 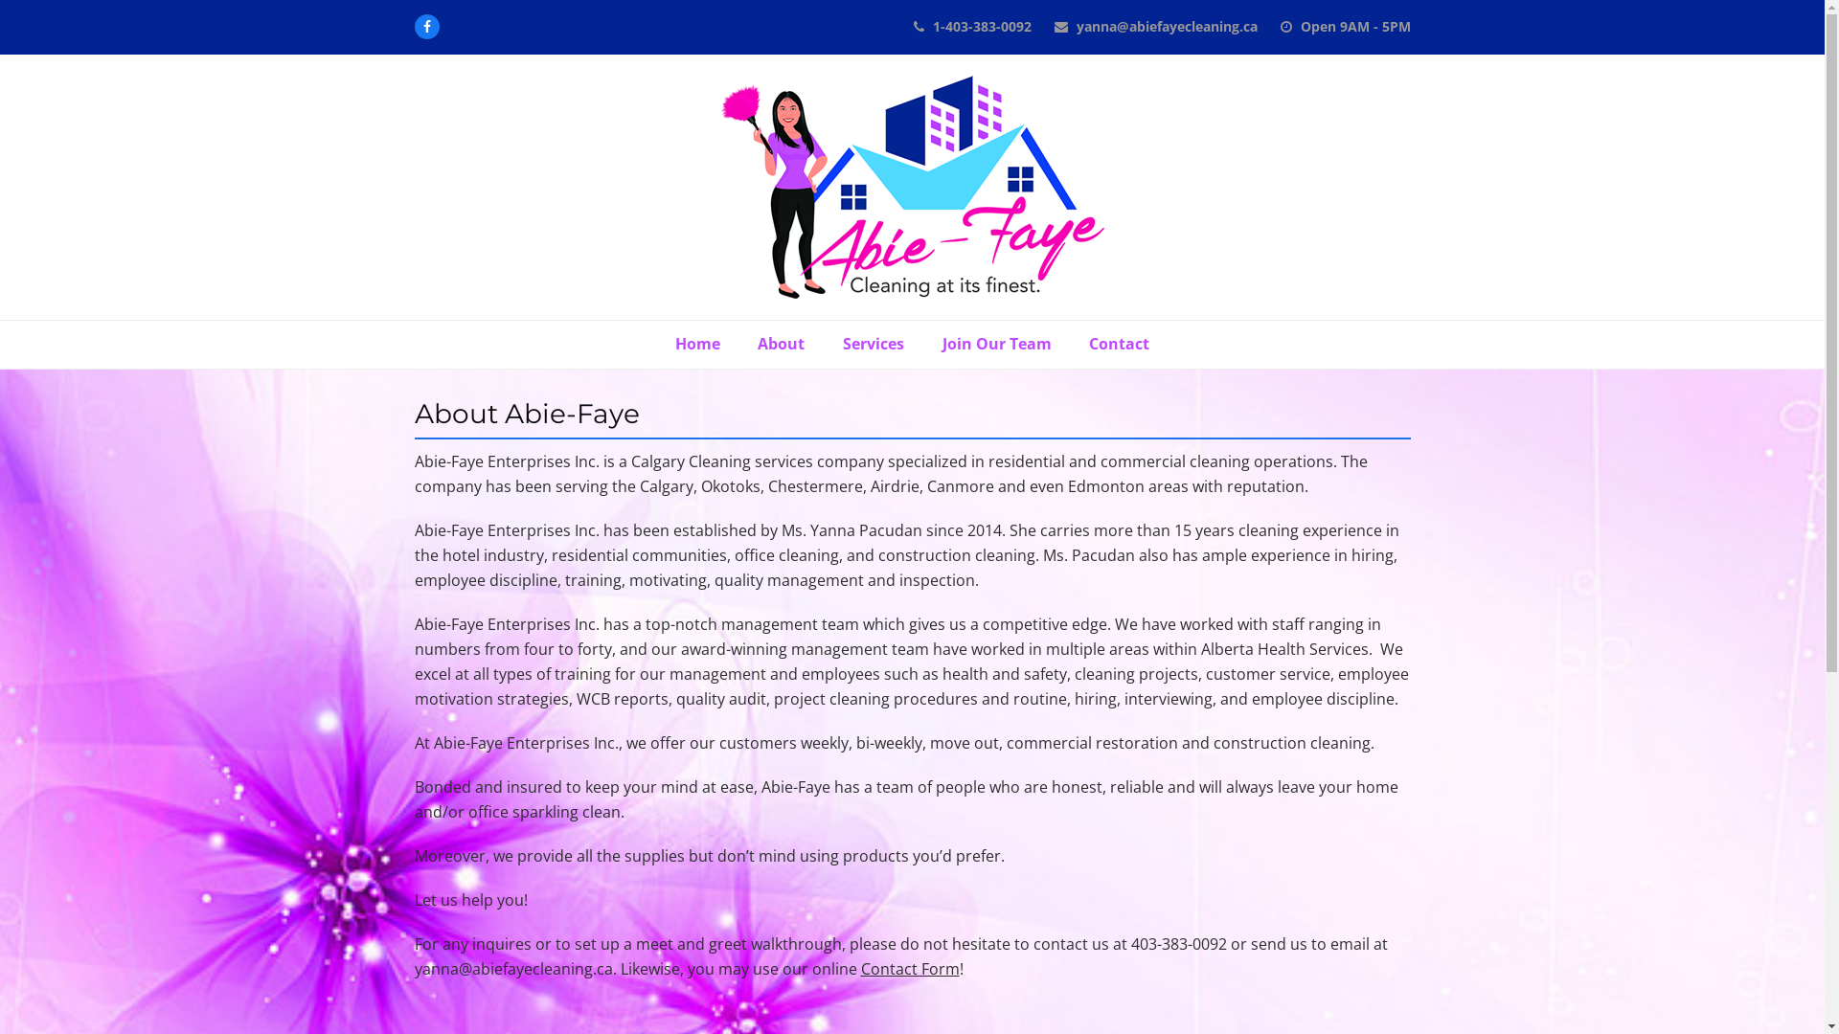 I want to click on 'Home', so click(x=696, y=343).